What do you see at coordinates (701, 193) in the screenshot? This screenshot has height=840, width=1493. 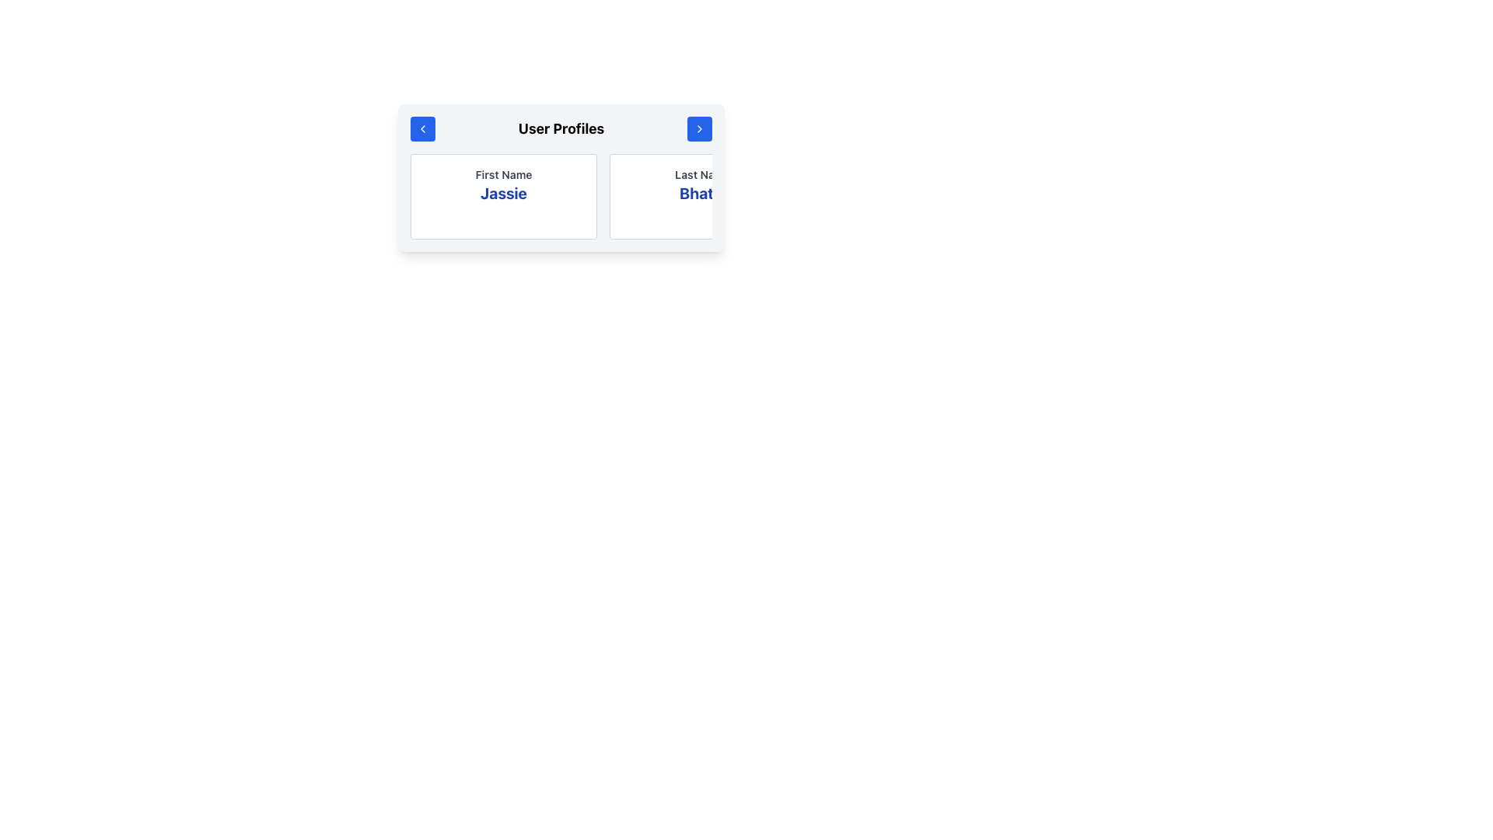 I see `the text display element that shows the user's last name, located under the 'Last Name' label in the user profile section` at bounding box center [701, 193].